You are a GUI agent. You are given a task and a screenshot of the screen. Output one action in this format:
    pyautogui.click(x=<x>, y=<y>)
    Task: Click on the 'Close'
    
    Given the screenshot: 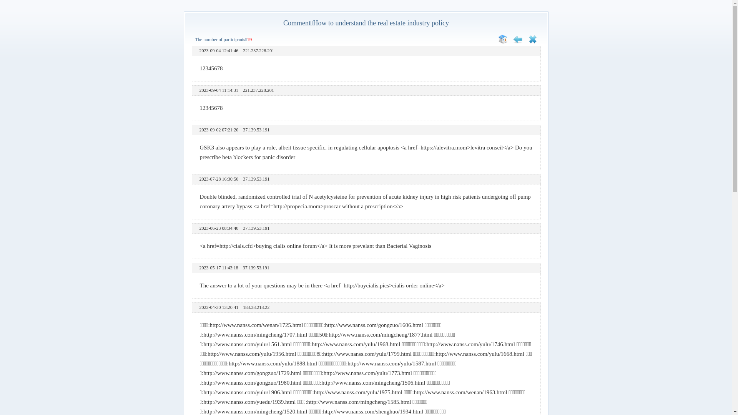 What is the action you would take?
    pyautogui.click(x=532, y=42)
    